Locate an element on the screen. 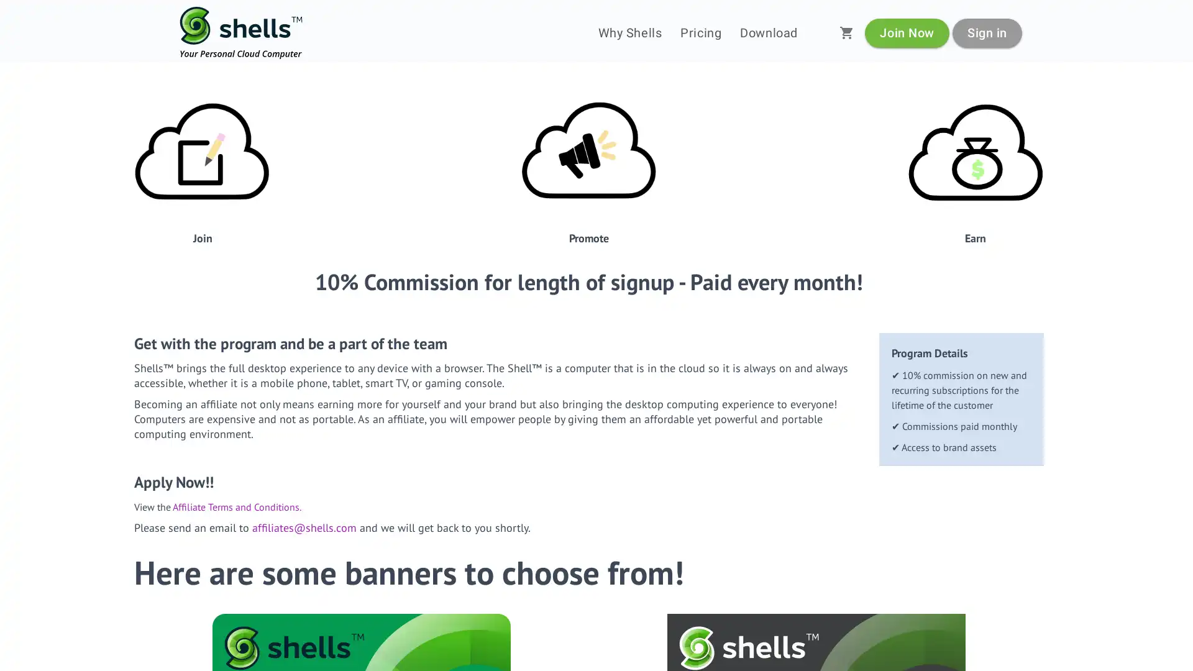  Sign in is located at coordinates (986, 32).